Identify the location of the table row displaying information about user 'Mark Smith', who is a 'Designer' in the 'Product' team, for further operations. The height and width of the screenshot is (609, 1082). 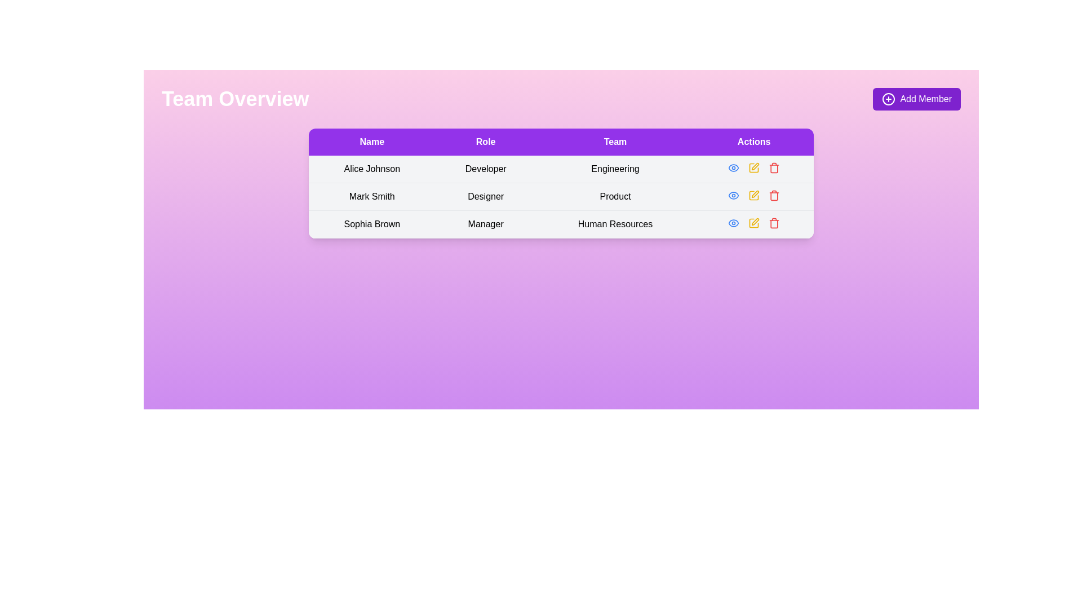
(561, 196).